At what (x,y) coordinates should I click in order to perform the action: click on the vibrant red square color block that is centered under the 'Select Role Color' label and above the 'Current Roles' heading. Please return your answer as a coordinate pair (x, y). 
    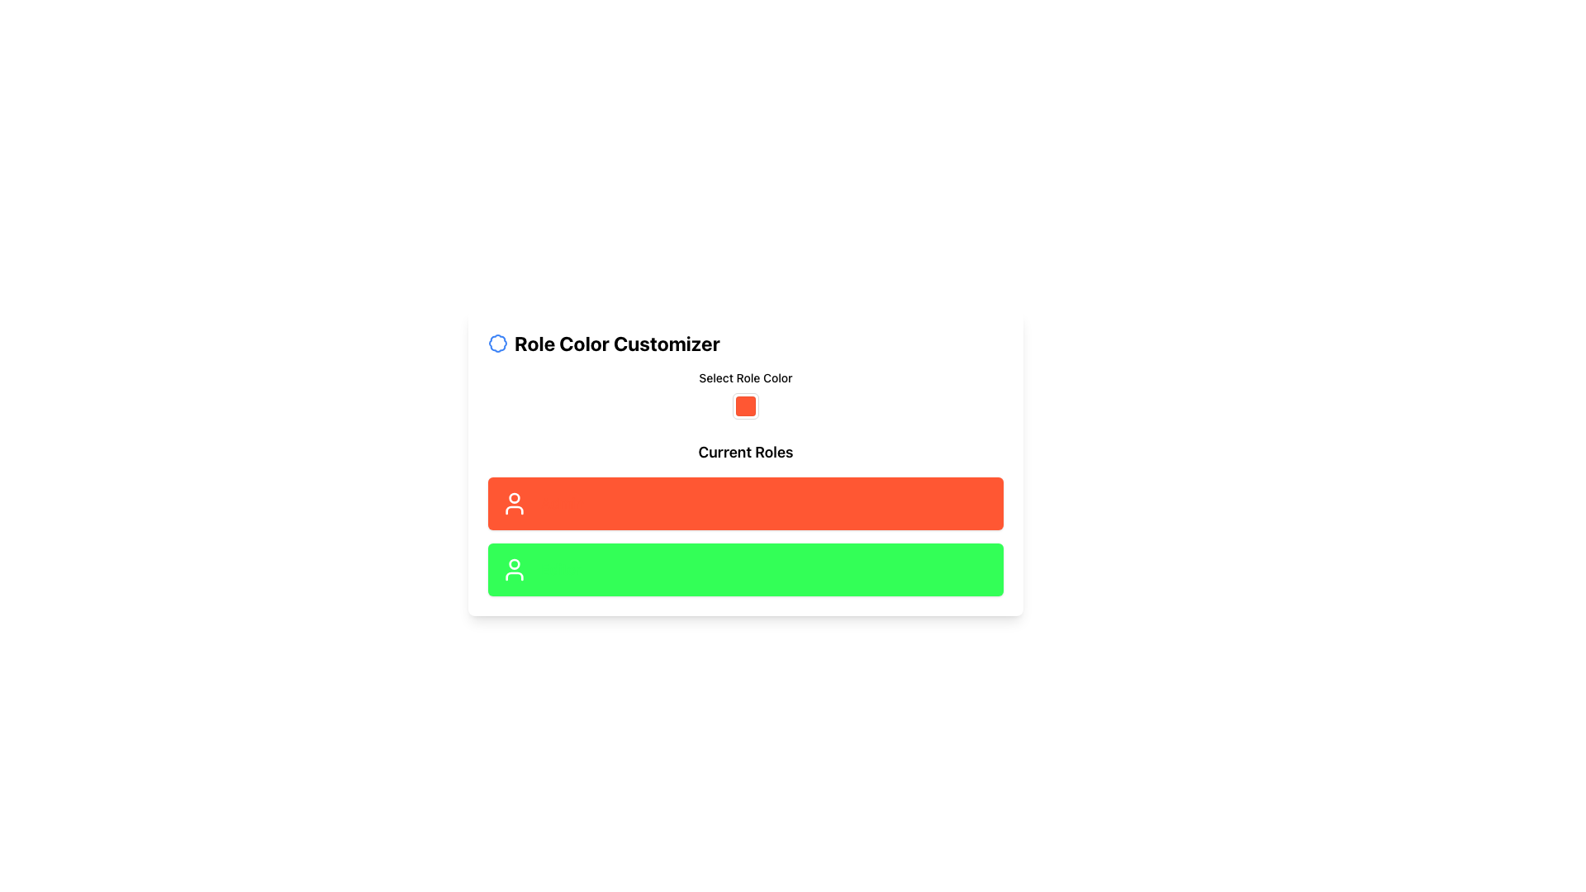
    Looking at the image, I should click on (744, 406).